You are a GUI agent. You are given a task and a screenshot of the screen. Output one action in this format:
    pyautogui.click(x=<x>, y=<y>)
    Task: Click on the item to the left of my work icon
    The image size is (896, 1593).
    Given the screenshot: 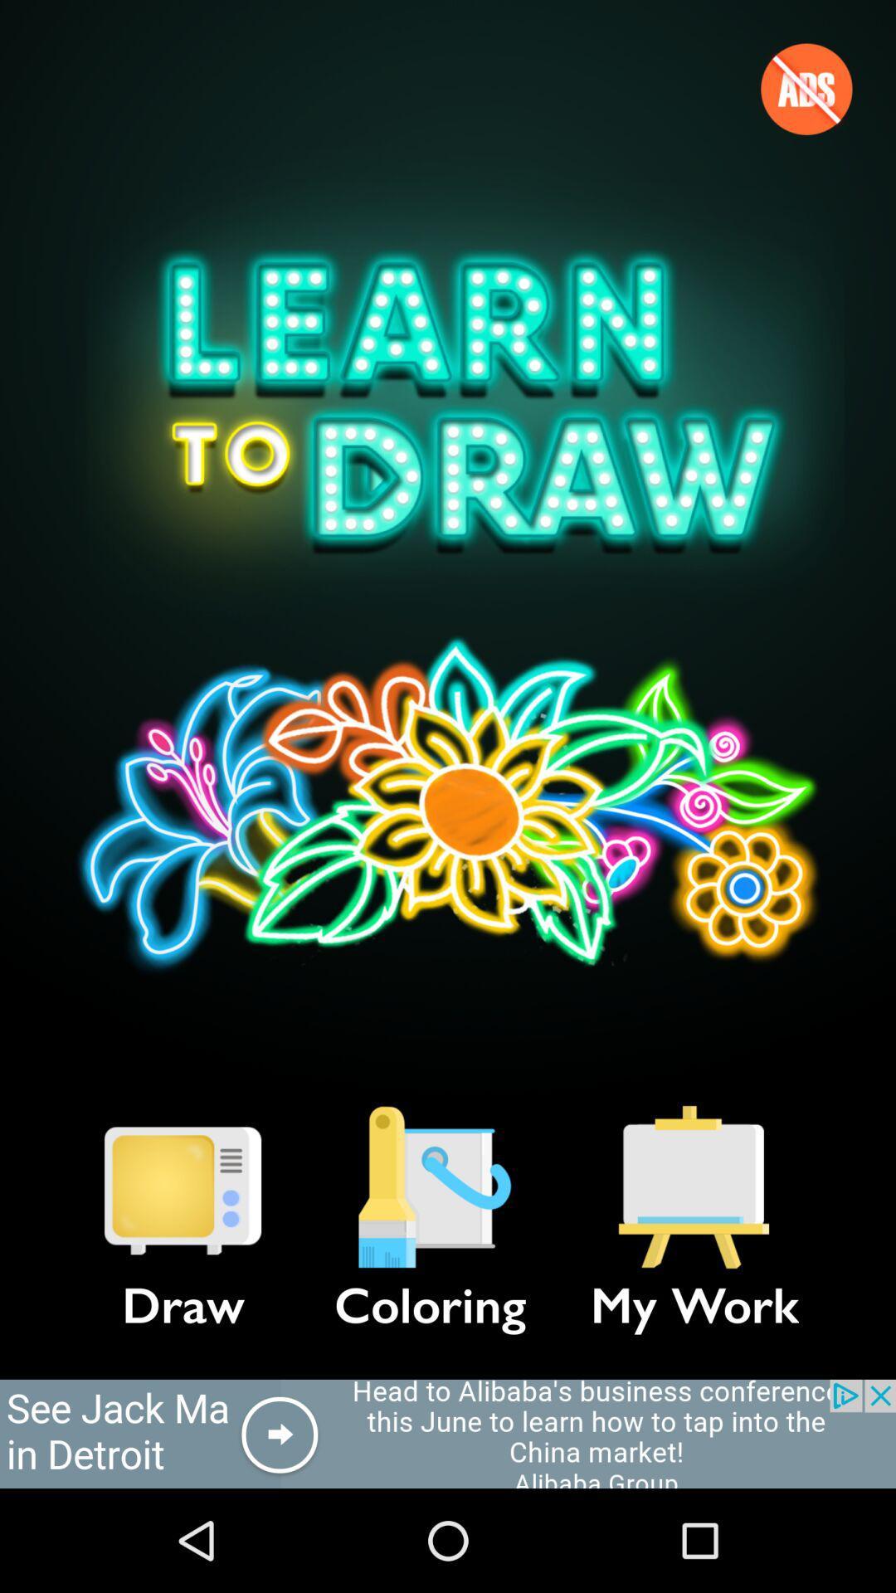 What is the action you would take?
    pyautogui.click(x=430, y=1186)
    